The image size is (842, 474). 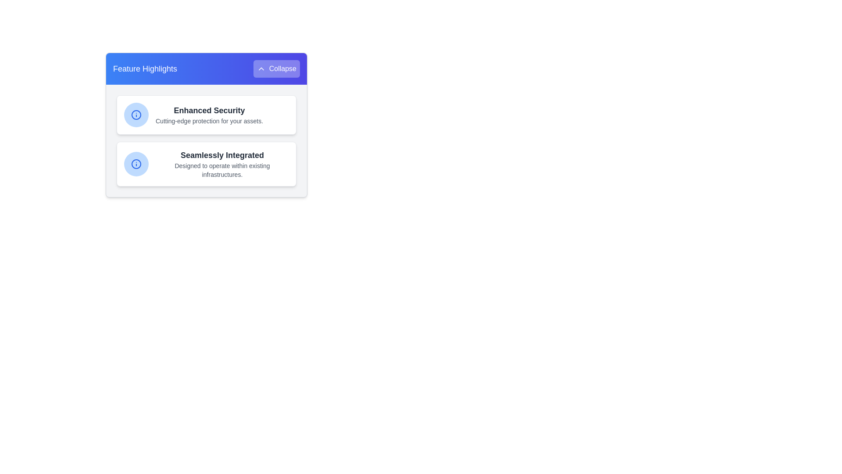 I want to click on the chevron icon within the 'Collapse' button in the top-right corner of the 'Feature Highlights' section, so click(x=260, y=68).